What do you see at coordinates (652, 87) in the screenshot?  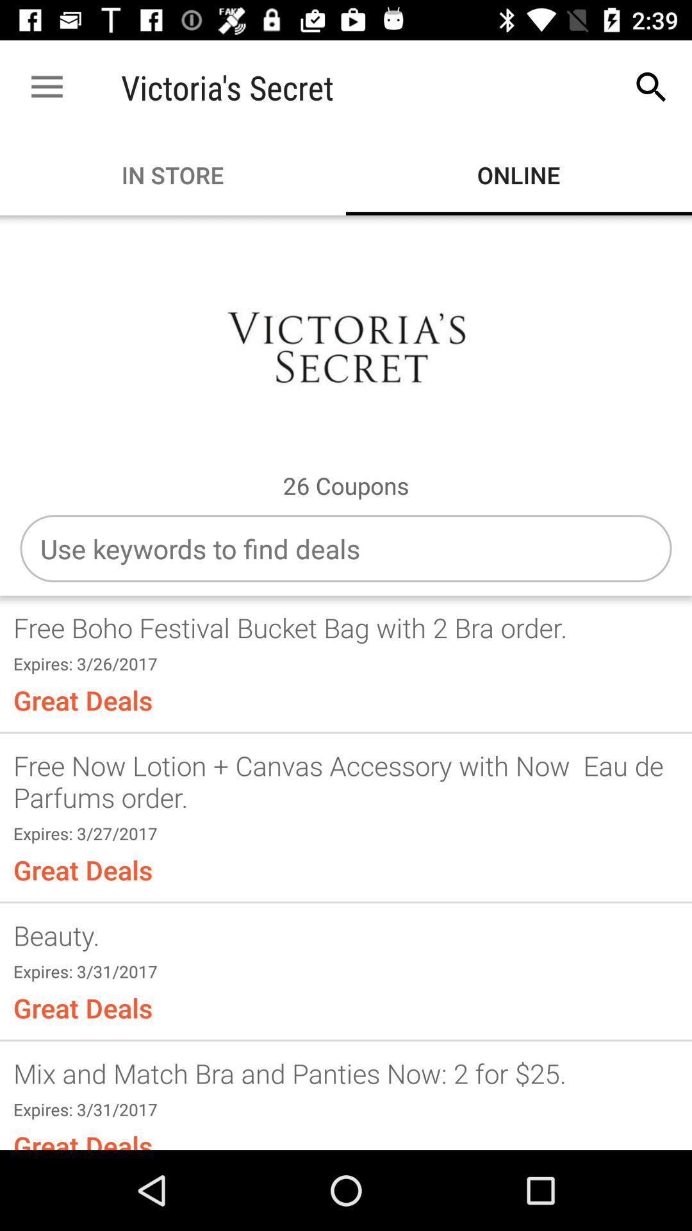 I see `the icon next to the victoria's secret  app` at bounding box center [652, 87].